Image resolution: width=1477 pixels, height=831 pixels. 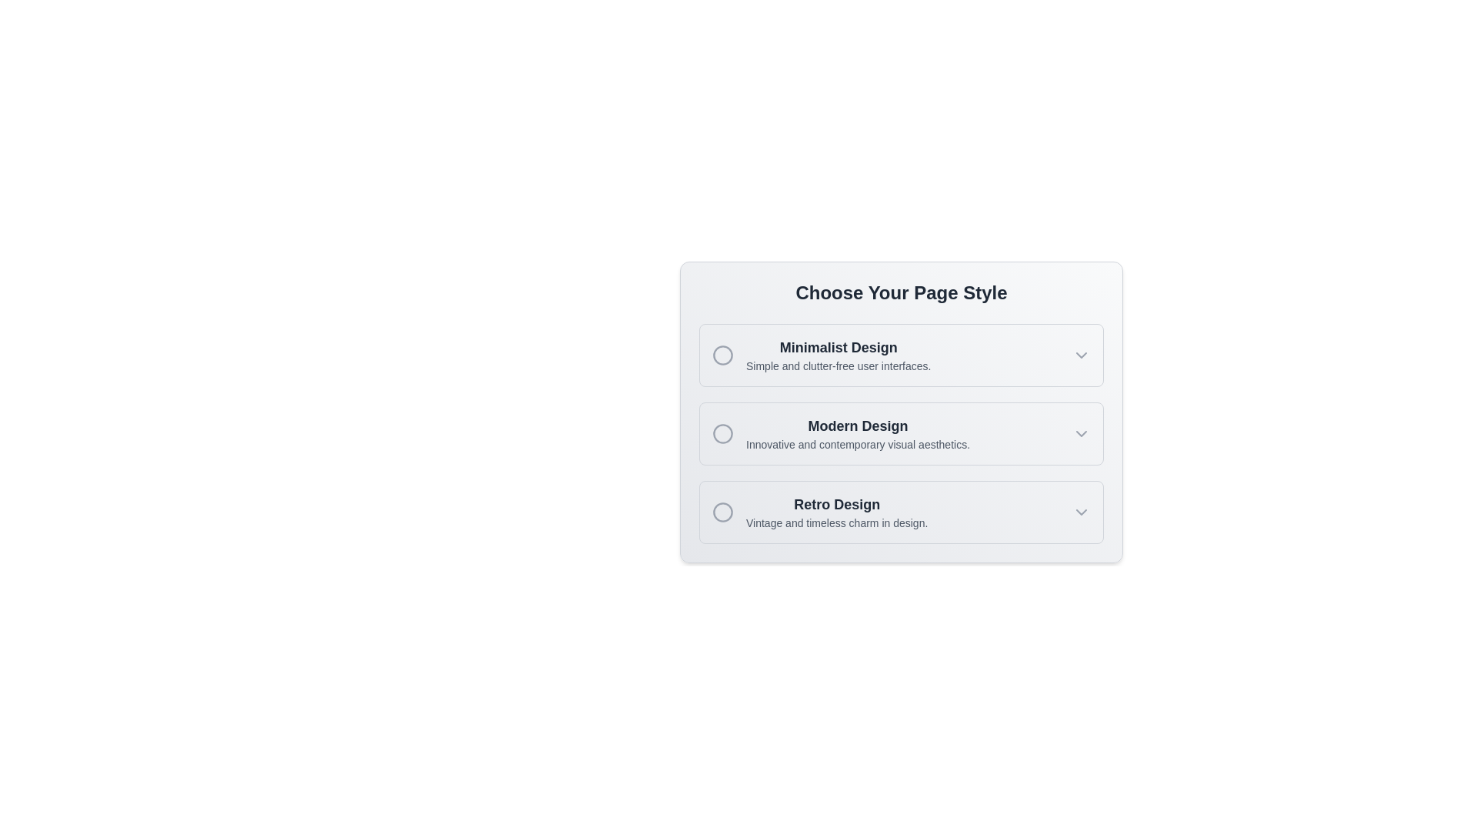 What do you see at coordinates (821, 355) in the screenshot?
I see `the first design option labeled 'Minimalist Design' which displays a larger bold text and a subtext 'Simple and clutter-free user interfaces.'` at bounding box center [821, 355].